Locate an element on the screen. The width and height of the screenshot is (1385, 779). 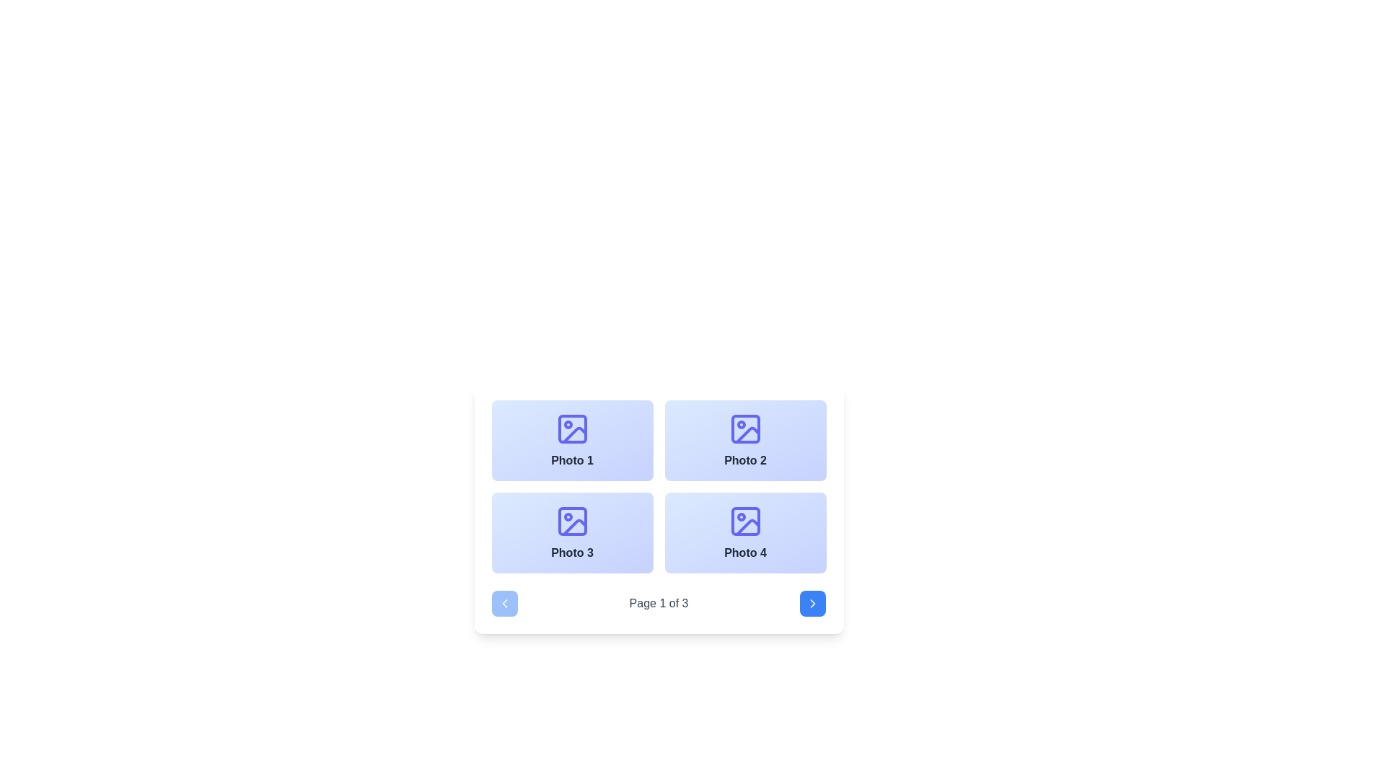
the vector graphic line element in the first photo box labeled 'Photo 1' within the grid layout is located at coordinates (573, 434).